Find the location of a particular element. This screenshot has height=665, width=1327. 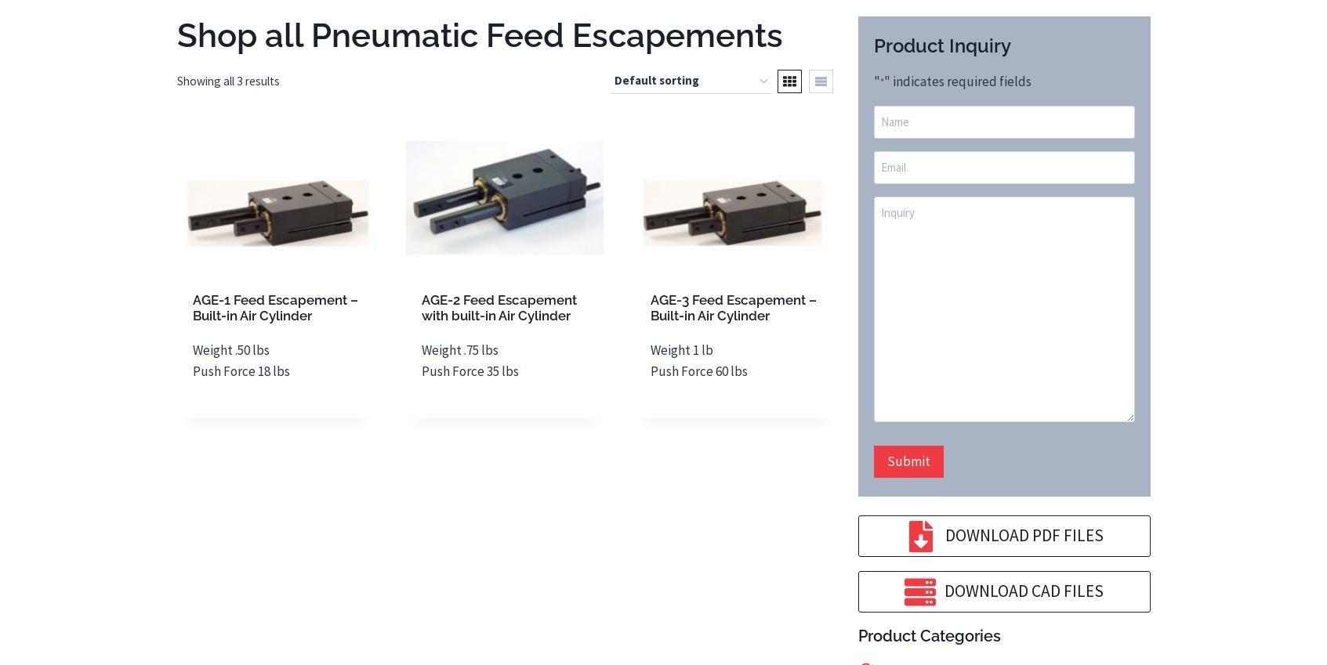

'"' is located at coordinates (876, 79).